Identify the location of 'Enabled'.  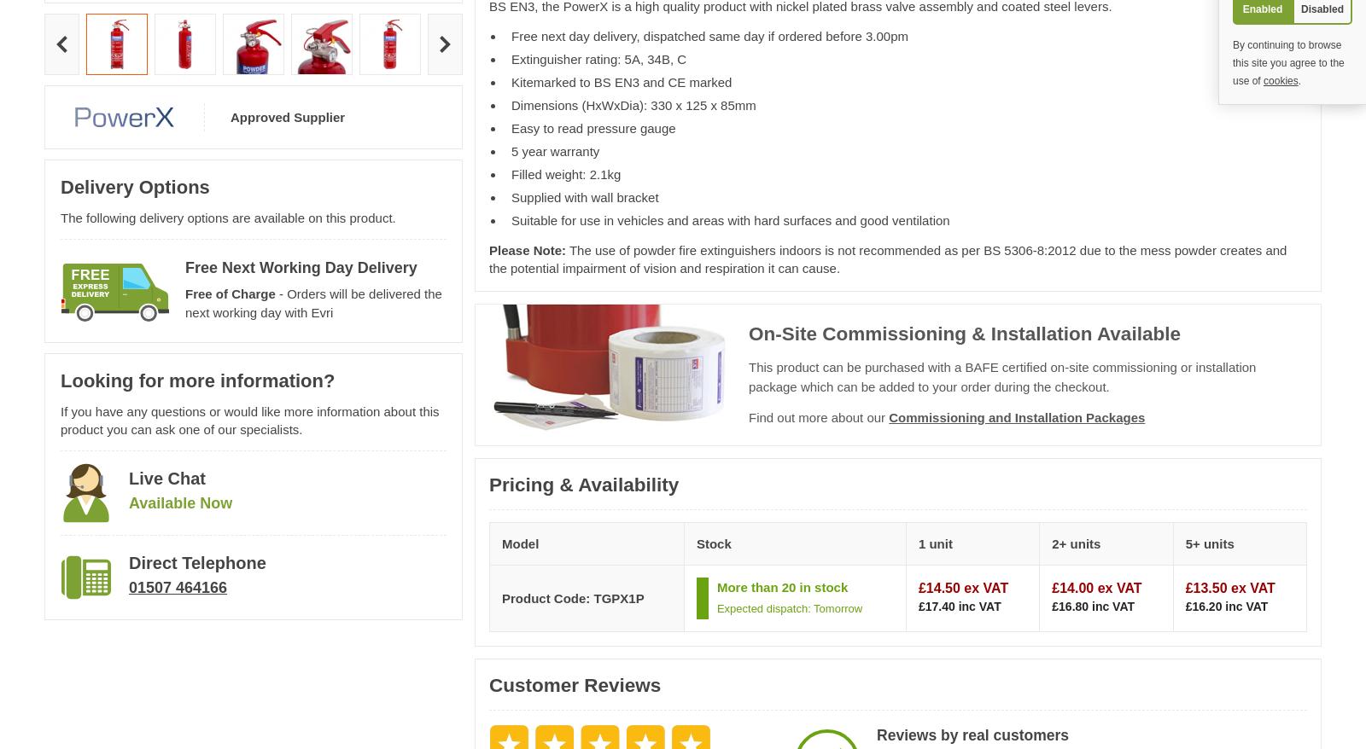
(1262, 8).